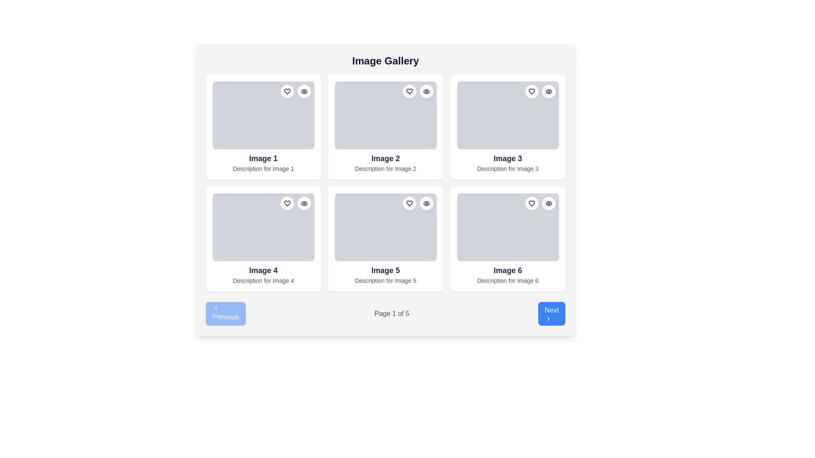  Describe the element at coordinates (287, 92) in the screenshot. I see `the circular button with a white background and black heart icon located in the top-right corner of the first image card labeled 'Image 1'` at that location.